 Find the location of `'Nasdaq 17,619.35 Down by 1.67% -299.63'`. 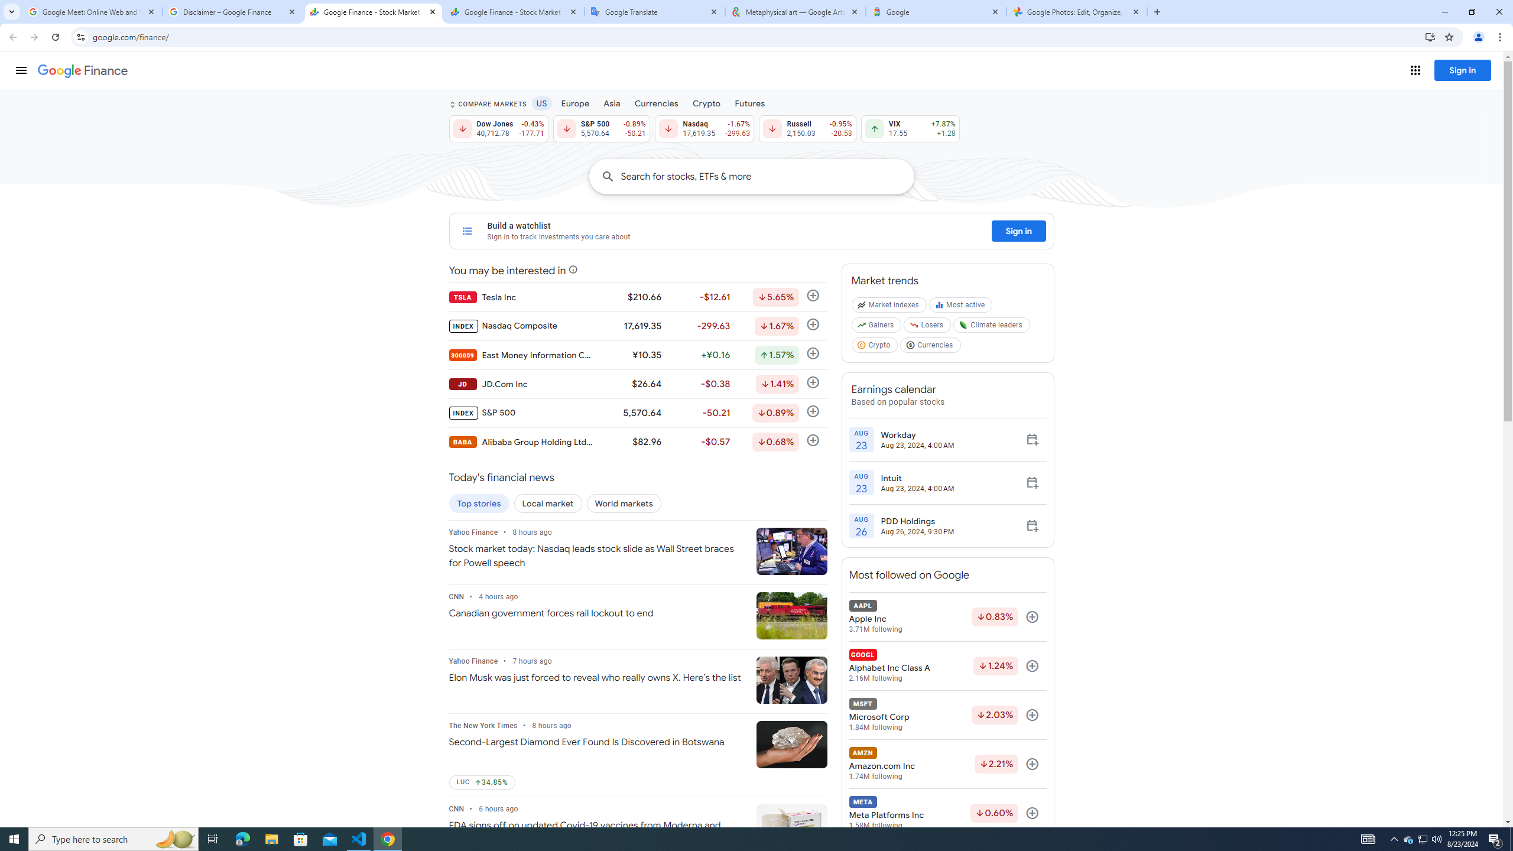

'Nasdaq 17,619.35 Down by 1.67% -299.63' is located at coordinates (704, 128).